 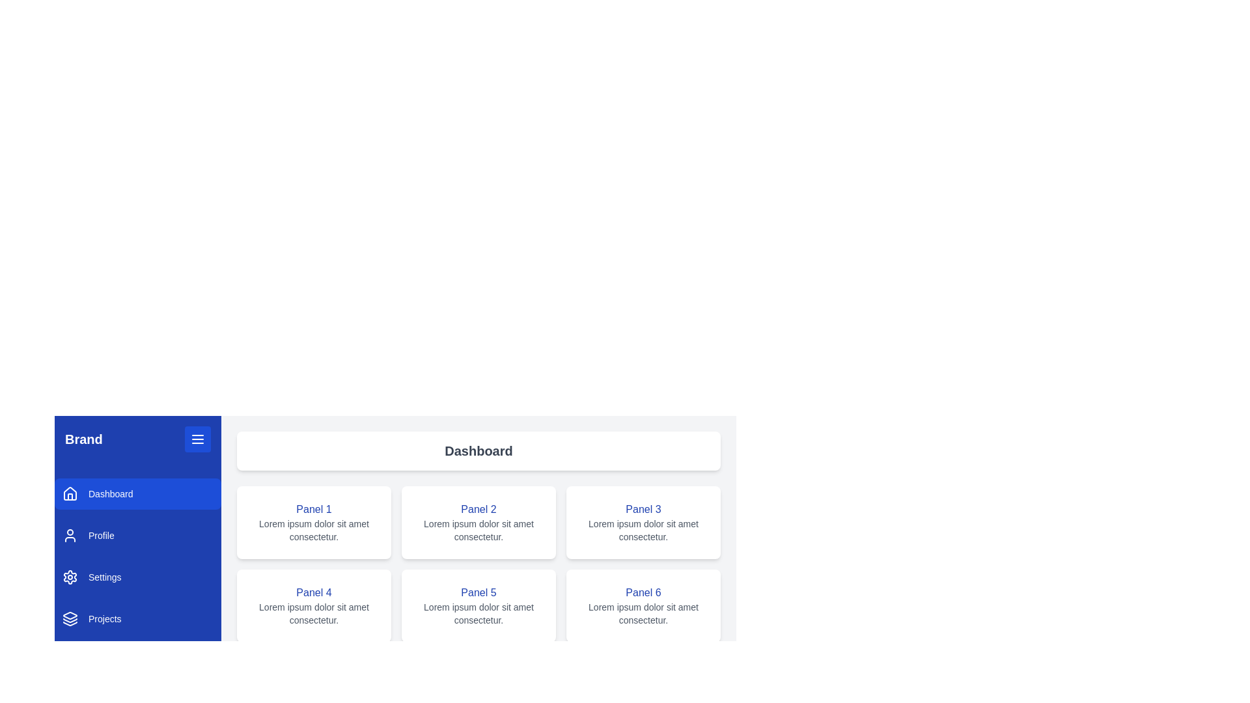 What do you see at coordinates (478, 450) in the screenshot?
I see `the 'Dashboard' text label, which is displayed in a bold font and is centered at the top of a white box, above the grid of panels` at bounding box center [478, 450].